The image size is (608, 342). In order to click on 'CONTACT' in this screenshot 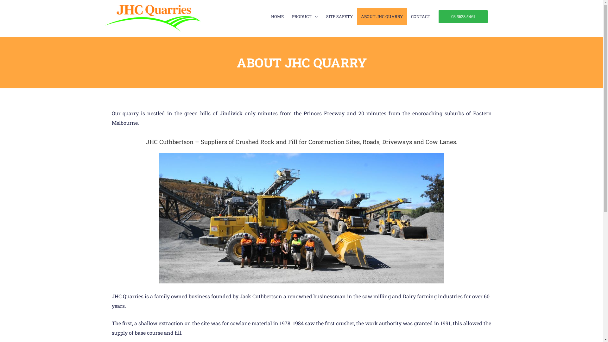, I will do `click(420, 16)`.